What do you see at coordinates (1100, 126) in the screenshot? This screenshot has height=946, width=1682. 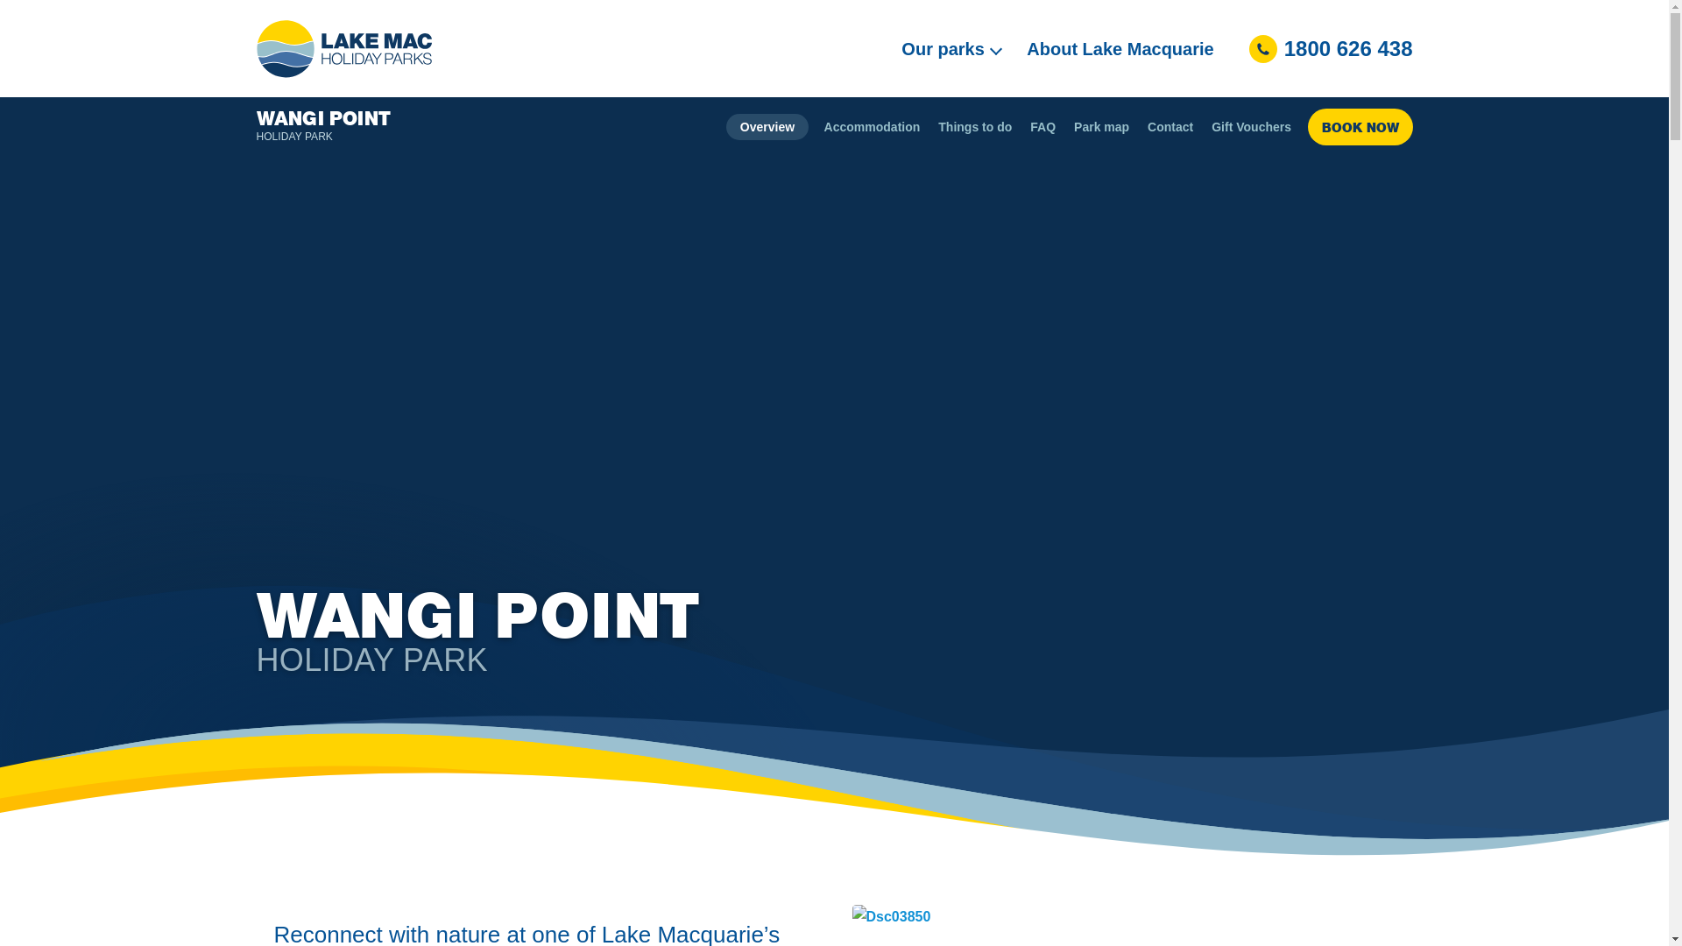 I see `'Park map'` at bounding box center [1100, 126].